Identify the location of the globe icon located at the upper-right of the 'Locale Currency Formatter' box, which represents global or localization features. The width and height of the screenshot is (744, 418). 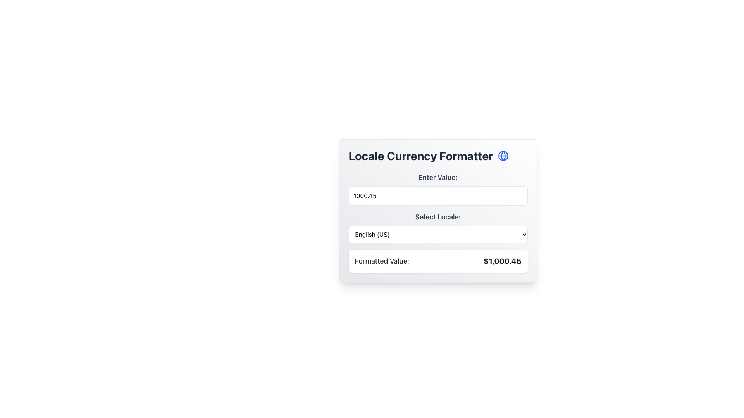
(503, 156).